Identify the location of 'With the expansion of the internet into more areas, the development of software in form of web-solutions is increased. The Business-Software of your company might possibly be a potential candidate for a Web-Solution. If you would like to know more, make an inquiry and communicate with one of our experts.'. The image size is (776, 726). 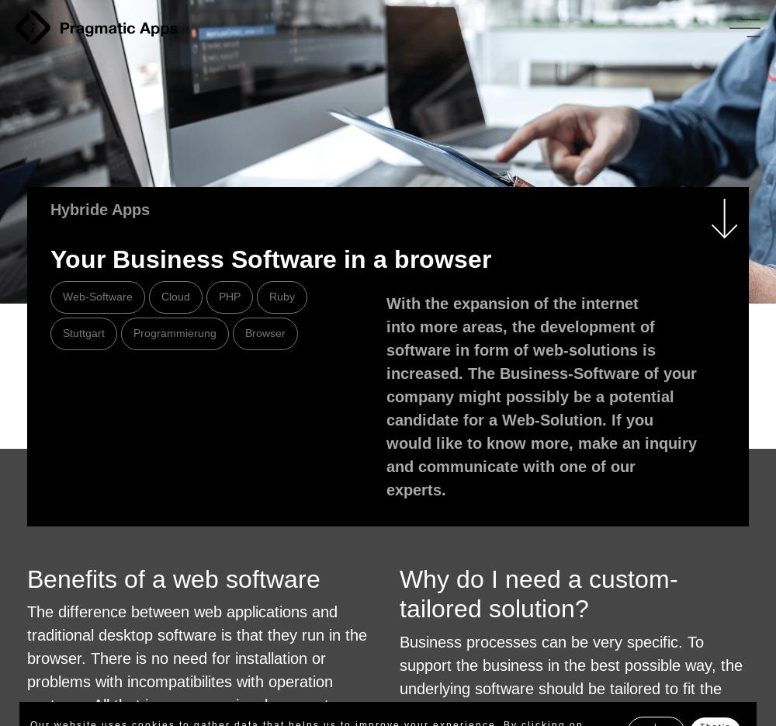
(541, 396).